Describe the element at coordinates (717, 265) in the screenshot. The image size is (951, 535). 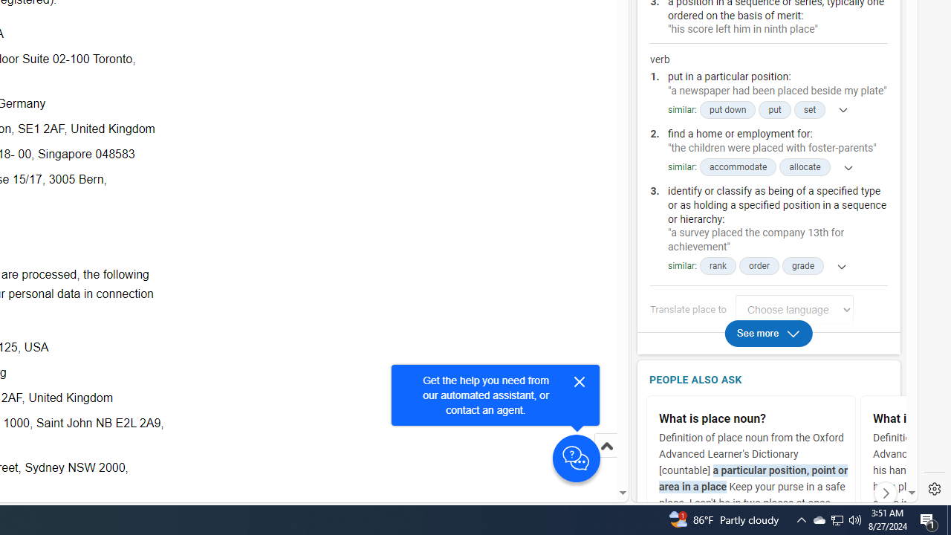
I see `'rank'` at that location.